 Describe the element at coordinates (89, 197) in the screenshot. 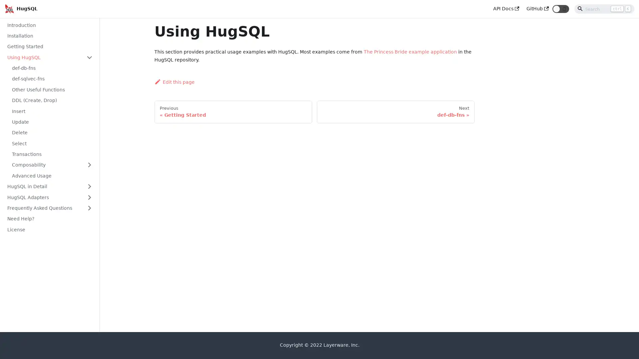

I see `Toggle the collapsible sidebar category 'HugSQL Adapters'` at that location.